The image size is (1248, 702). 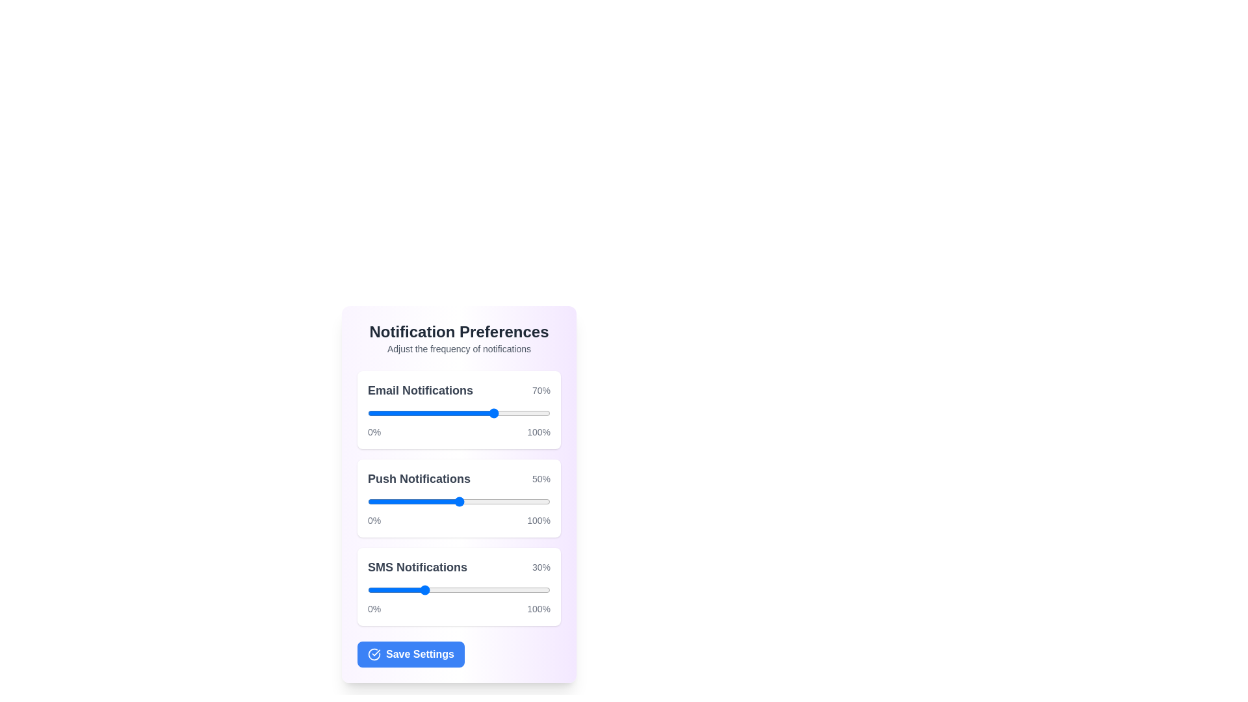 I want to click on the static text label 'Email Notifications' which is displayed in a large, bold, dark gray font, located near the top of the notification settings panel, to the left of the '70%' progress indicator and above the progress bar, so click(x=421, y=390).